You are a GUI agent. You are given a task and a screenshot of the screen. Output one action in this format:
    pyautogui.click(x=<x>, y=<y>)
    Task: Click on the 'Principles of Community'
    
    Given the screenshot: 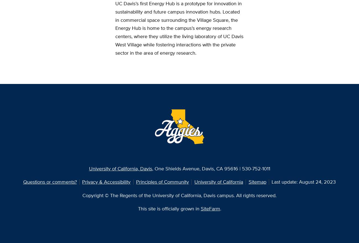 What is the action you would take?
    pyautogui.click(x=136, y=182)
    